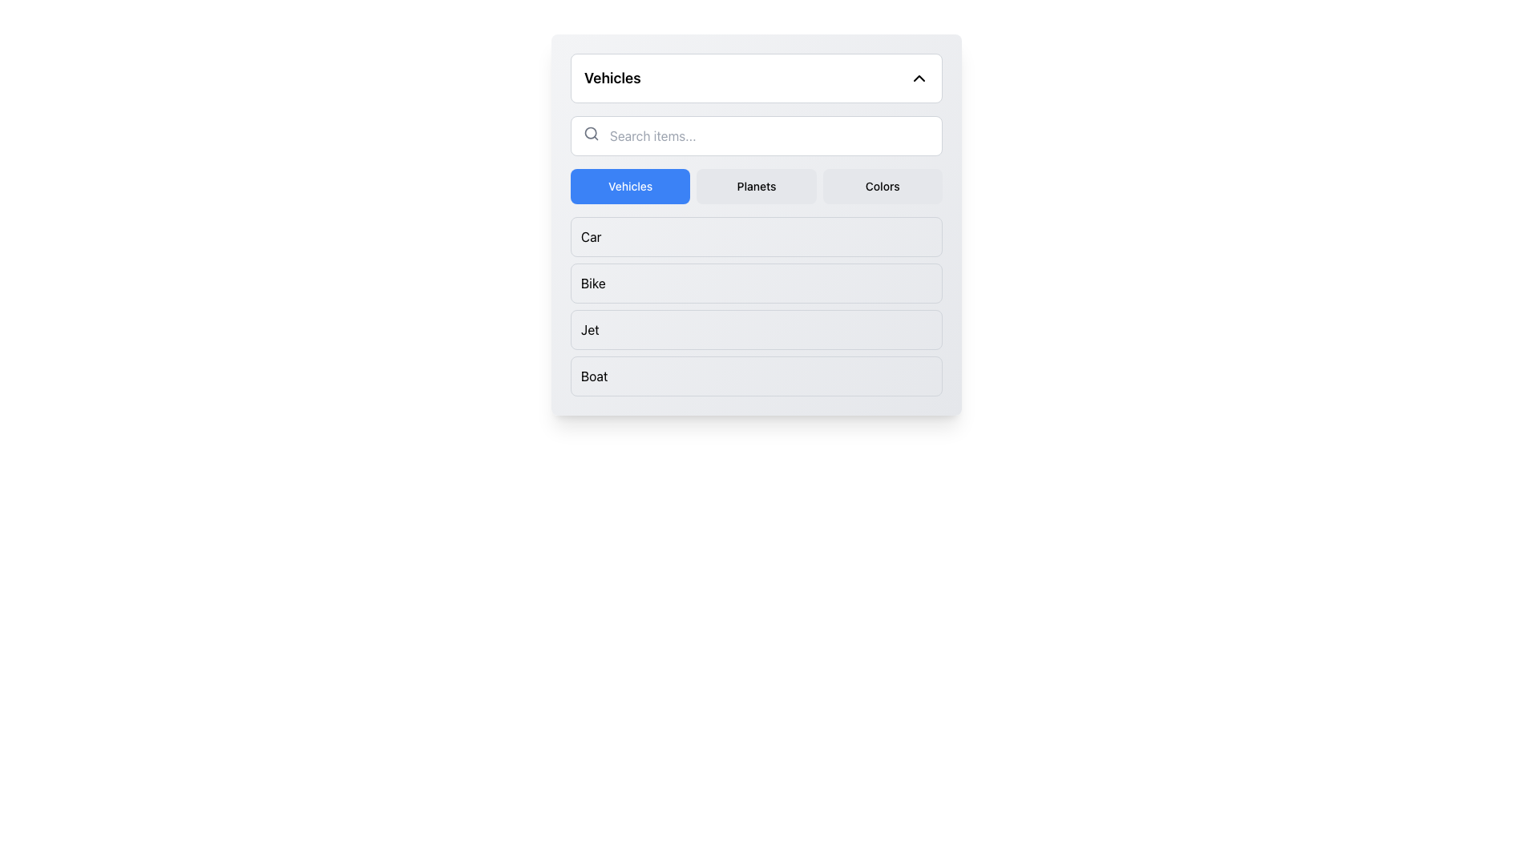 The height and width of the screenshot is (865, 1539). What do you see at coordinates (756, 376) in the screenshot?
I see `the 'Boat' option button, which is the last item in the vertical list of options titled 'Vehicles'` at bounding box center [756, 376].